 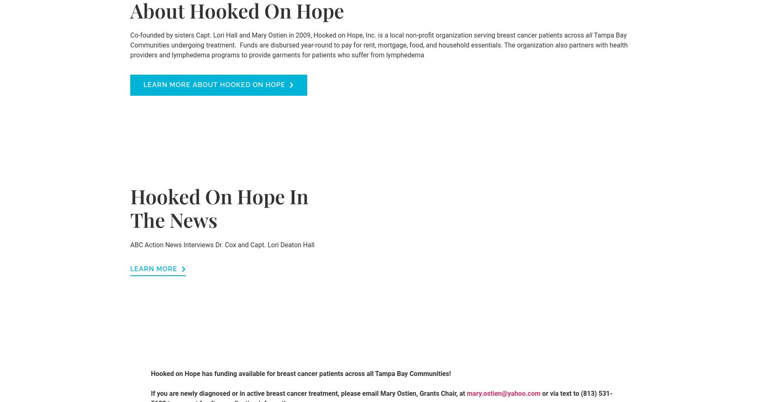 What do you see at coordinates (214, 84) in the screenshot?
I see `'Learn more about hooked on hope'` at bounding box center [214, 84].